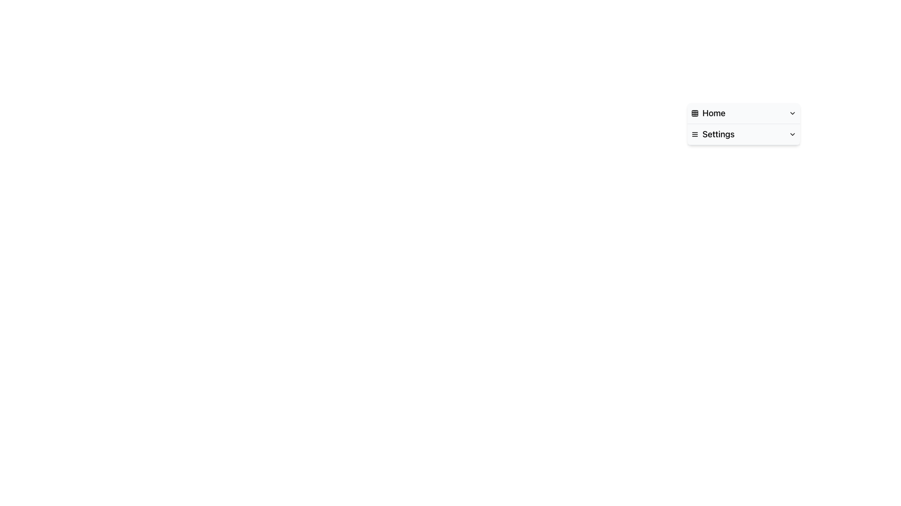 Image resolution: width=901 pixels, height=506 pixels. Describe the element at coordinates (743, 134) in the screenshot. I see `the second list item in the dropdown menu` at that location.